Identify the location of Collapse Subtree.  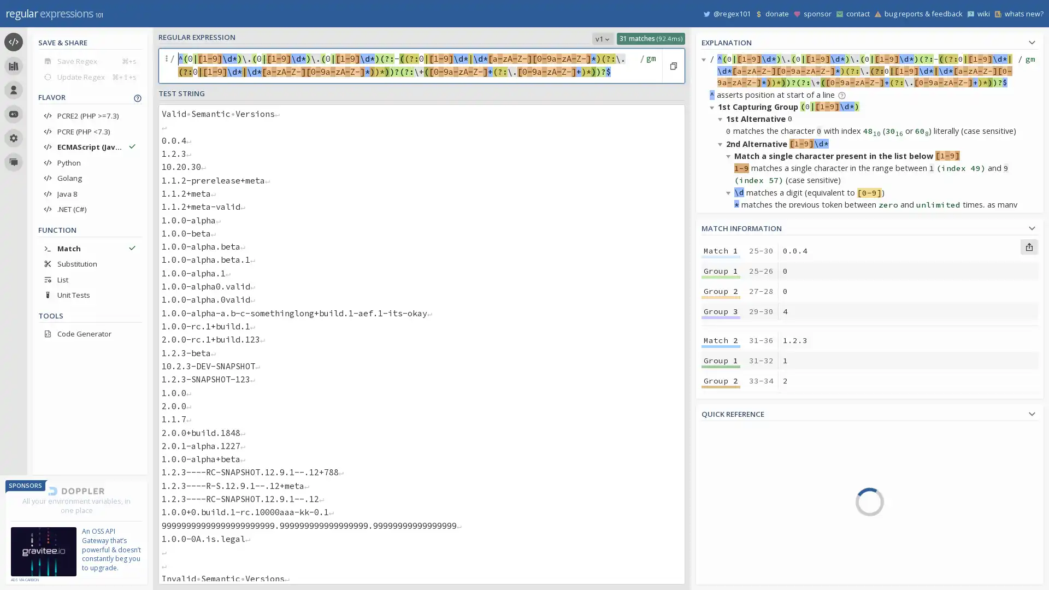
(722, 574).